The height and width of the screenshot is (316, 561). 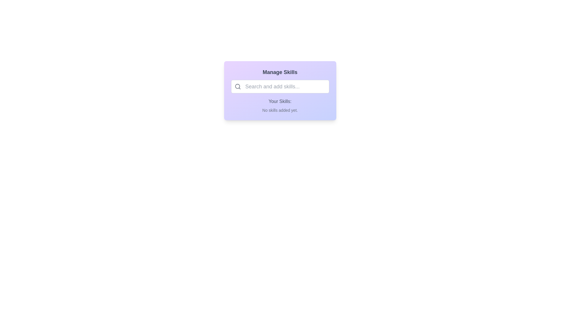 What do you see at coordinates (280, 101) in the screenshot?
I see `the centrally located Text label that indicates the skills listing section, which is above the text 'No skills added yet.'` at bounding box center [280, 101].